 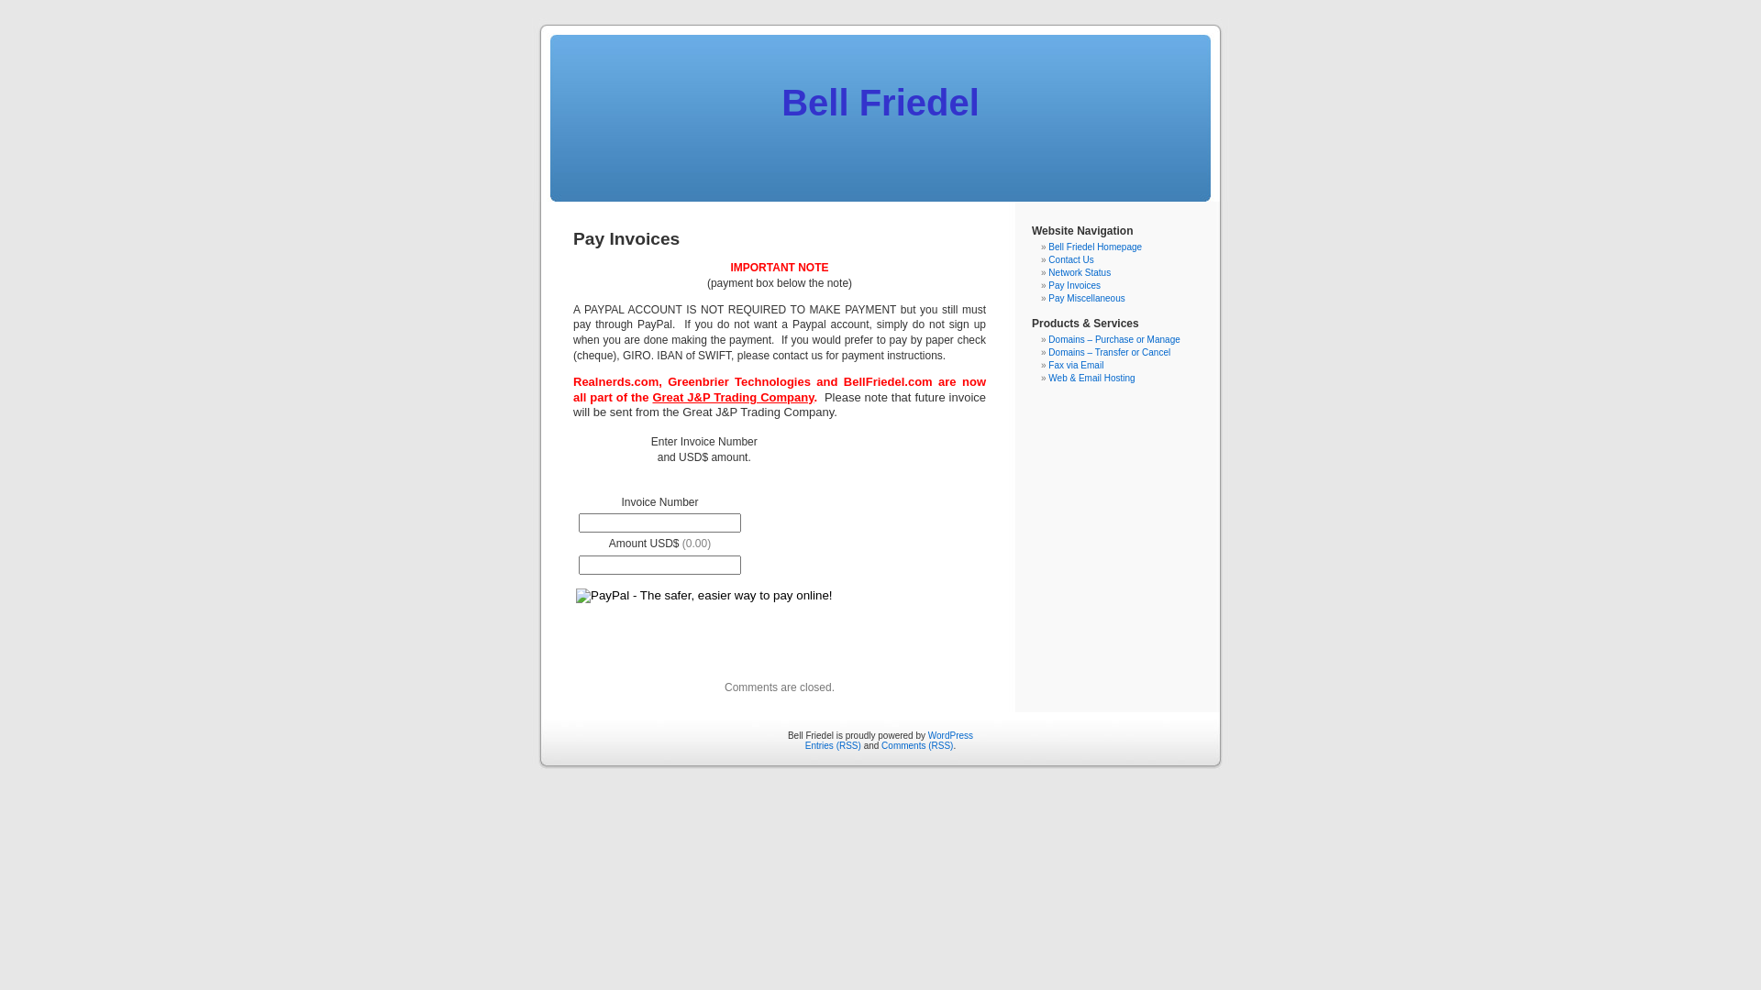 I want to click on 'Comments (RSS)', so click(x=916, y=745).